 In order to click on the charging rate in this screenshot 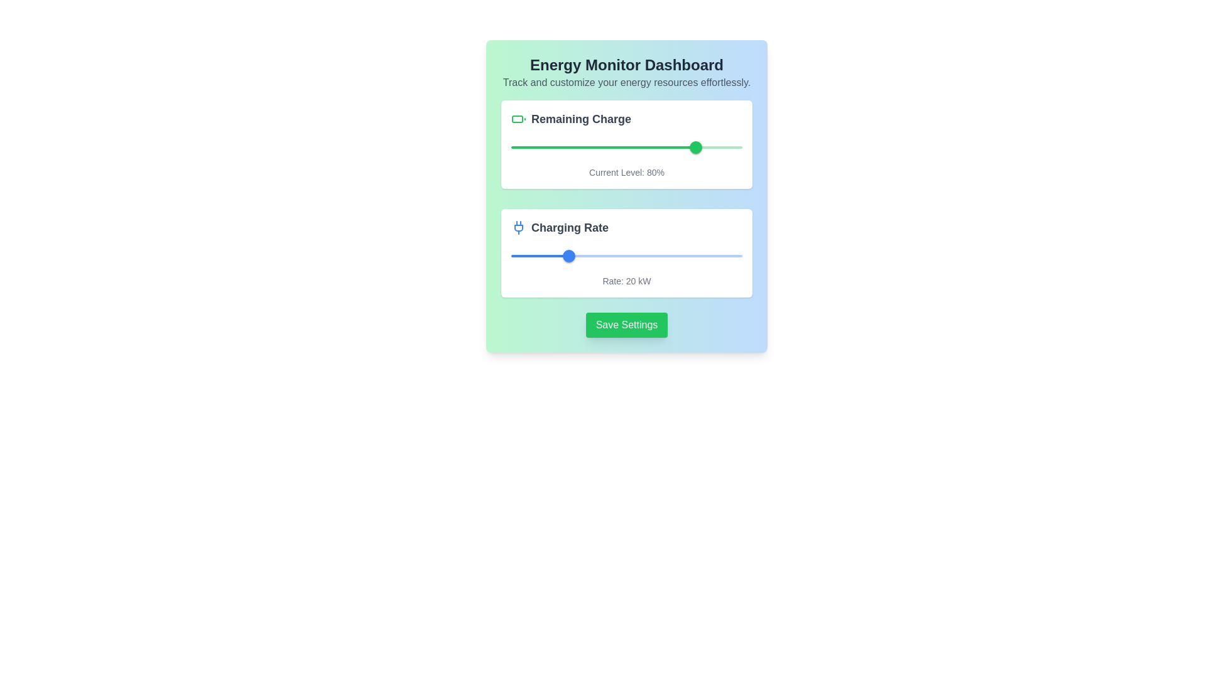, I will do `click(580, 256)`.